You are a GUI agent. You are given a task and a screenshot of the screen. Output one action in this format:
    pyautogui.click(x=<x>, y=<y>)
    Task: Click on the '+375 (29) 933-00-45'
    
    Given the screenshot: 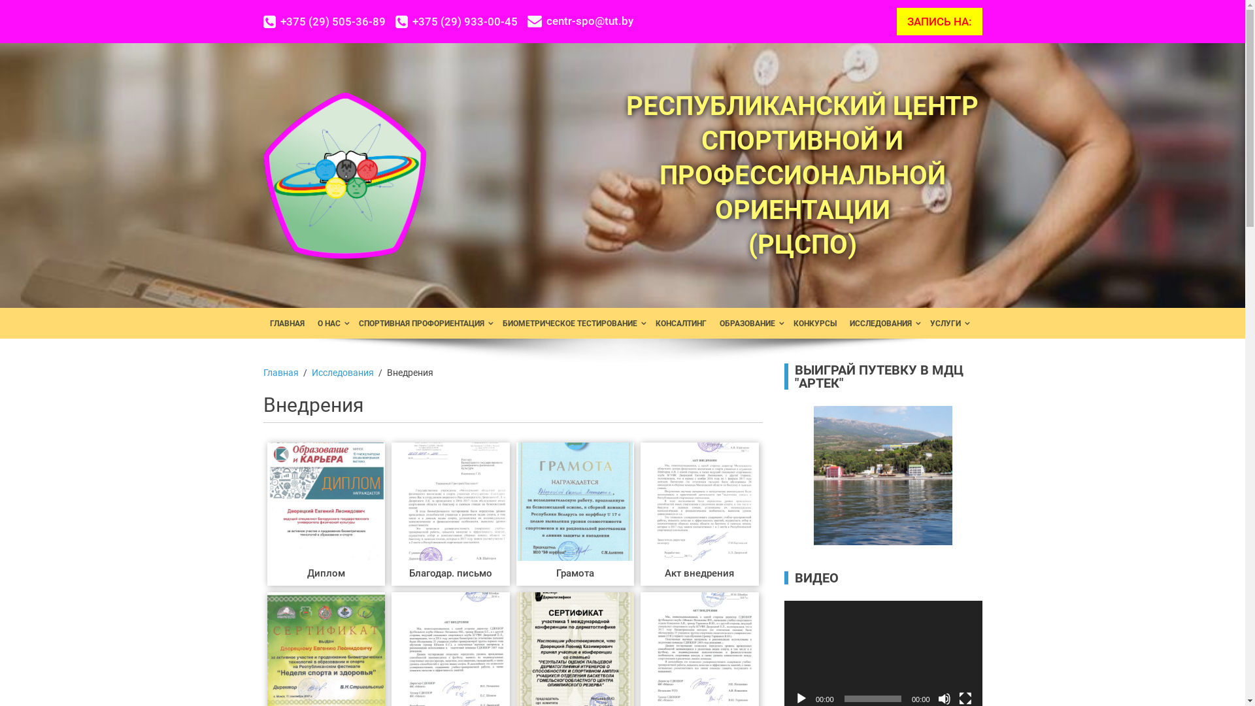 What is the action you would take?
    pyautogui.click(x=394, y=22)
    